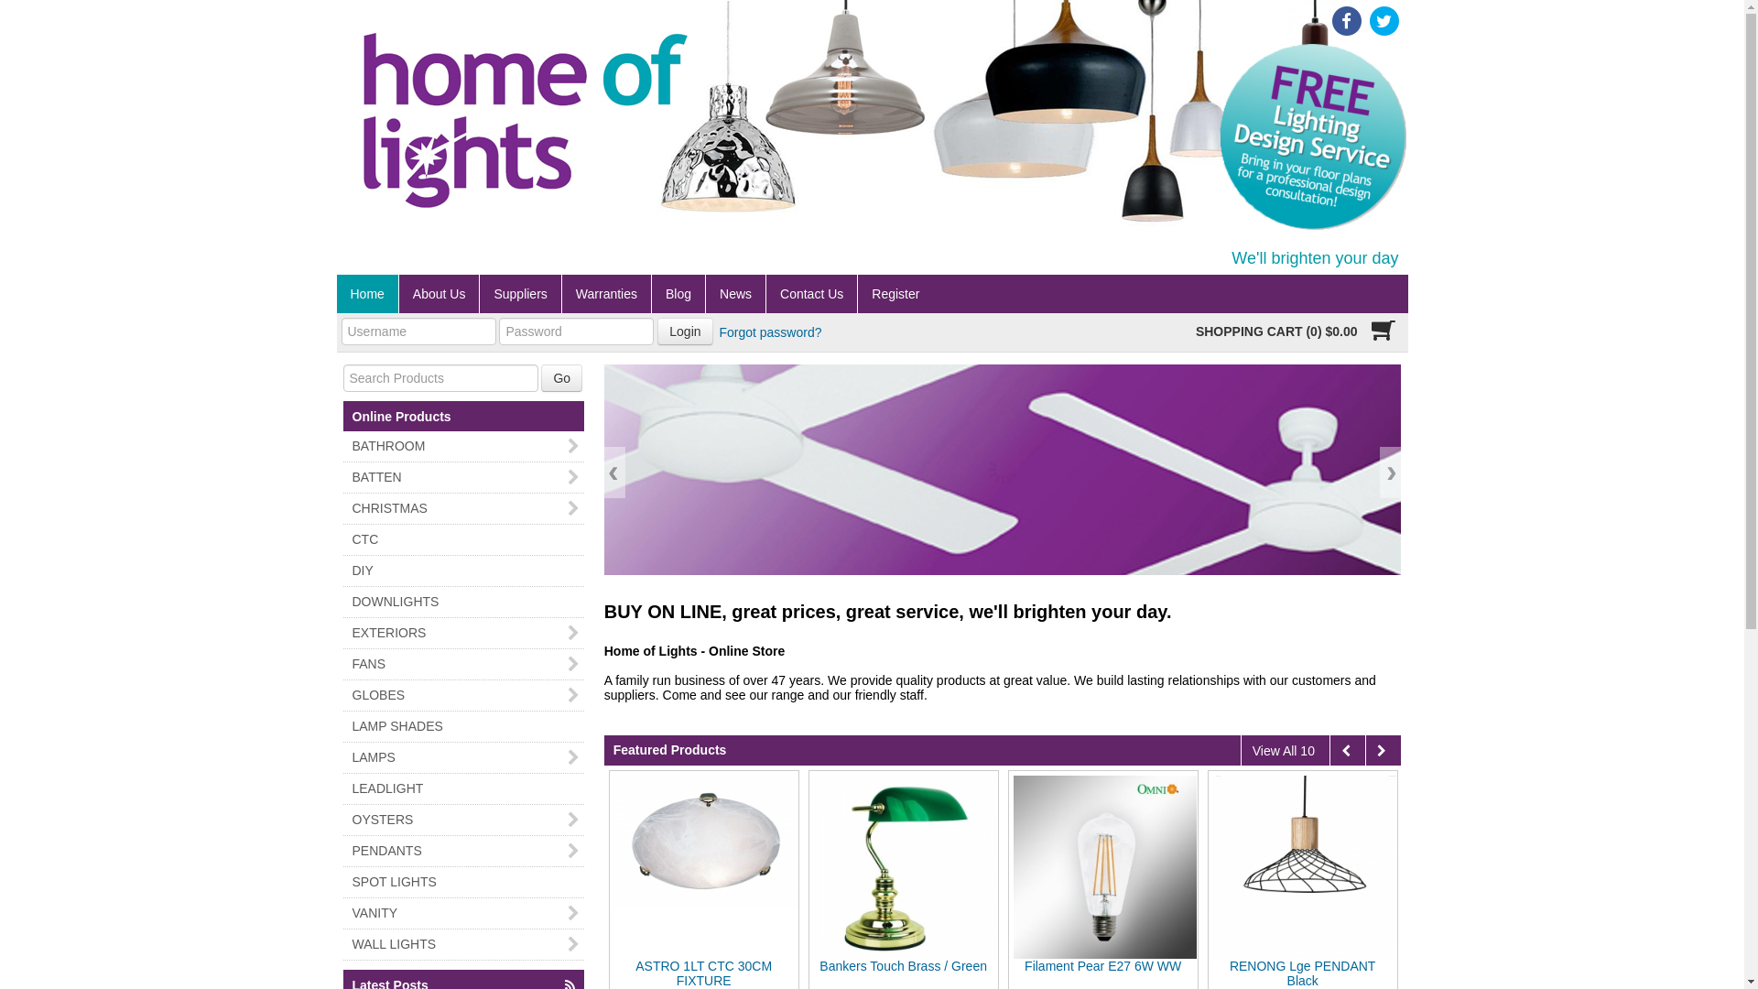 The height and width of the screenshot is (989, 1758). Describe the element at coordinates (462, 944) in the screenshot. I see `'WALL LIGHTS'` at that location.